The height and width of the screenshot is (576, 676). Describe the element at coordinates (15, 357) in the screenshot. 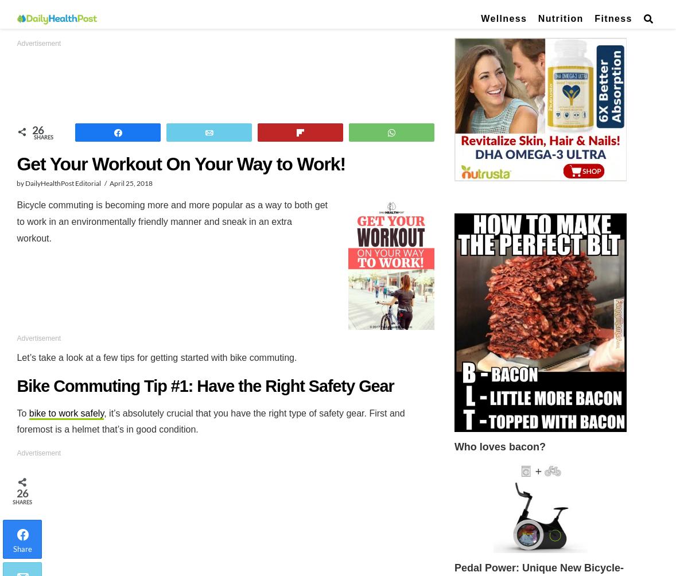

I see `'Let’s take a look at a few tips for getting started with bike commuting.'` at that location.